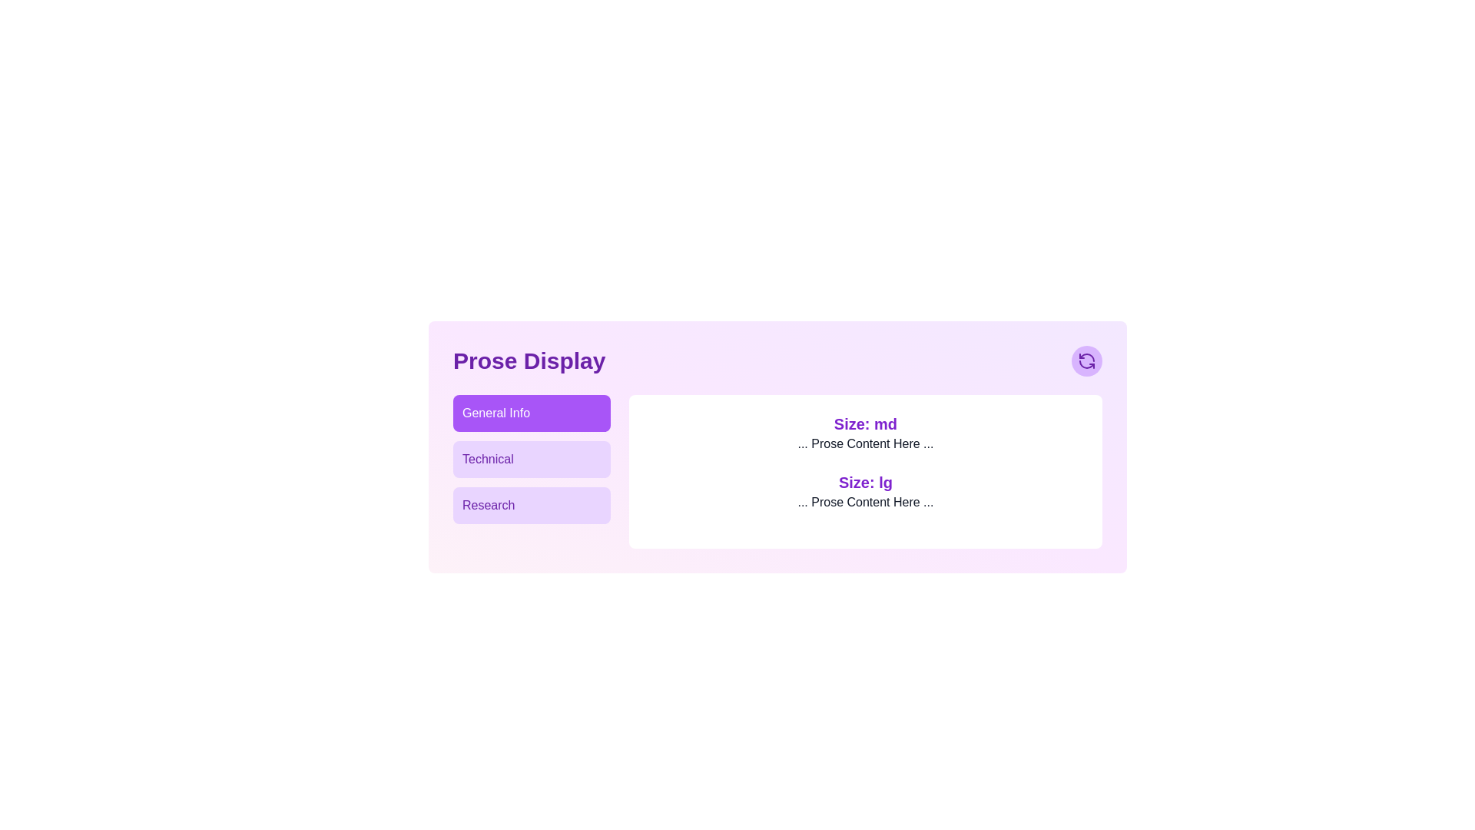 The image size is (1475, 830). What do you see at coordinates (886, 423) in the screenshot?
I see `the text label displaying 'md' which is styled in bold purple and is part of the descriptive line 'Size: md' located in the upper-middle section of the content display area` at bounding box center [886, 423].